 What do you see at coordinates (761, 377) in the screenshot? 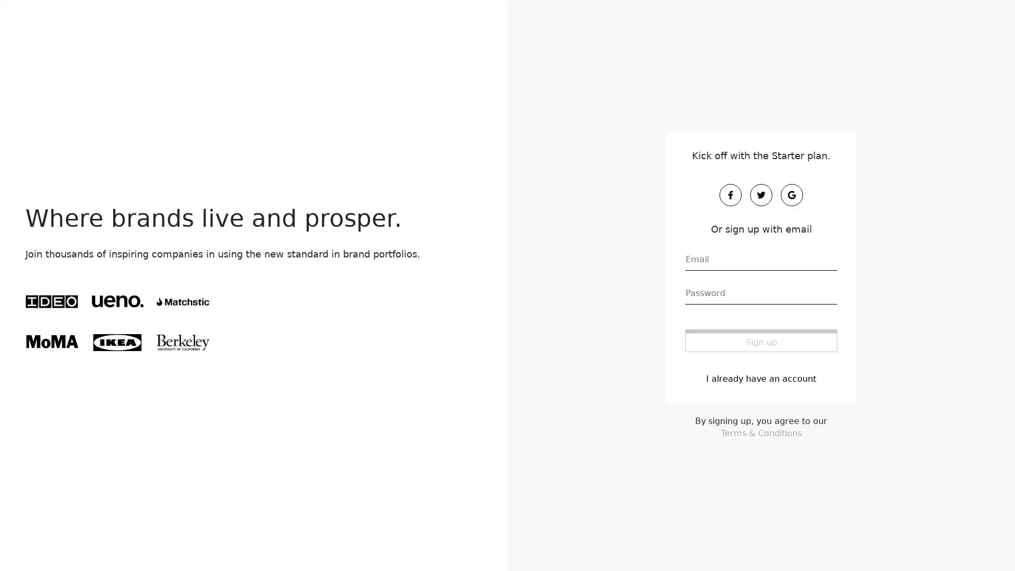
I see `I already have an account` at bounding box center [761, 377].